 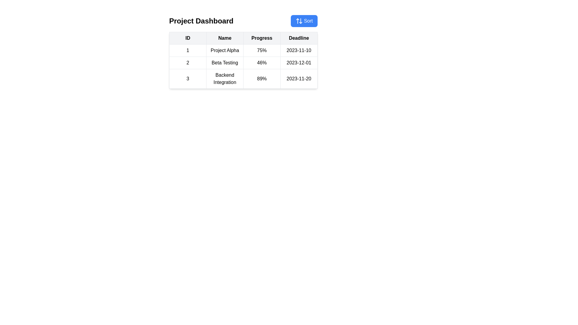 What do you see at coordinates (225, 38) in the screenshot?
I see `the 'Name' header label in the table, which is the second header after 'ID' and before 'Progress'` at bounding box center [225, 38].